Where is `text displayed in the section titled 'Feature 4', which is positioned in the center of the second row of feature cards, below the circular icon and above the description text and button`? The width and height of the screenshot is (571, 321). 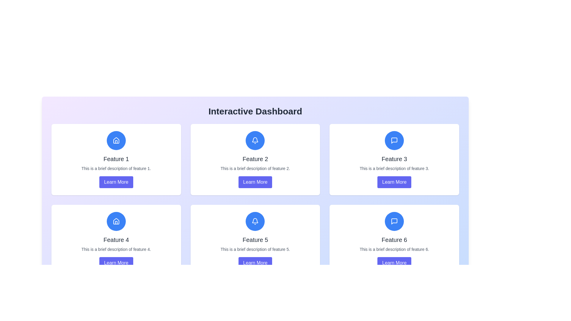 text displayed in the section titled 'Feature 4', which is positioned in the center of the second row of feature cards, below the circular icon and above the description text and button is located at coordinates (116, 239).